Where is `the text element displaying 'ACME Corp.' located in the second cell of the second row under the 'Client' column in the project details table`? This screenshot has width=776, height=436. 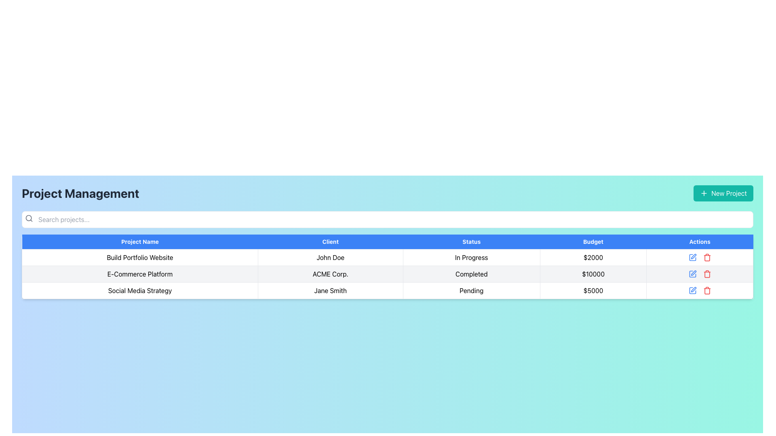 the text element displaying 'ACME Corp.' located in the second cell of the second row under the 'Client' column in the project details table is located at coordinates (330, 273).